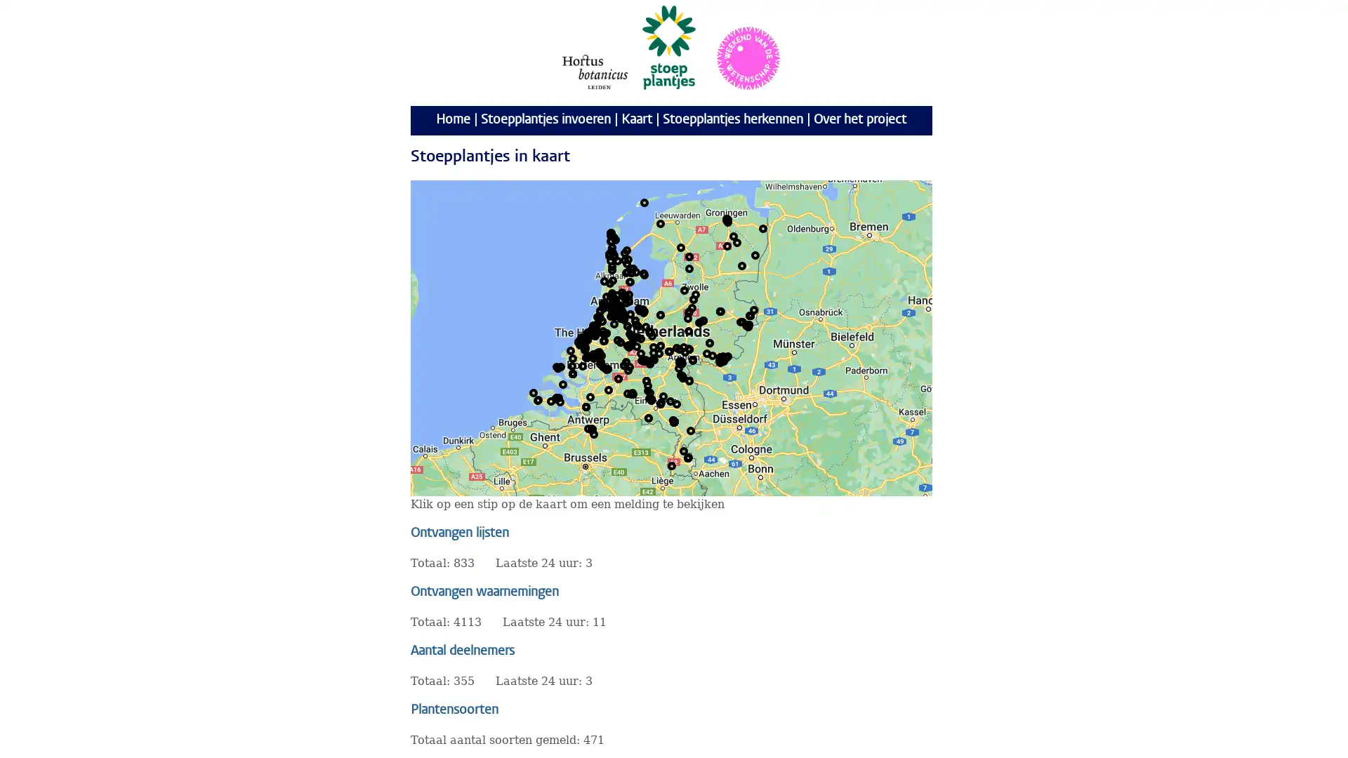  What do you see at coordinates (593, 356) in the screenshot?
I see `Telling van op 06 november 2021` at bounding box center [593, 356].